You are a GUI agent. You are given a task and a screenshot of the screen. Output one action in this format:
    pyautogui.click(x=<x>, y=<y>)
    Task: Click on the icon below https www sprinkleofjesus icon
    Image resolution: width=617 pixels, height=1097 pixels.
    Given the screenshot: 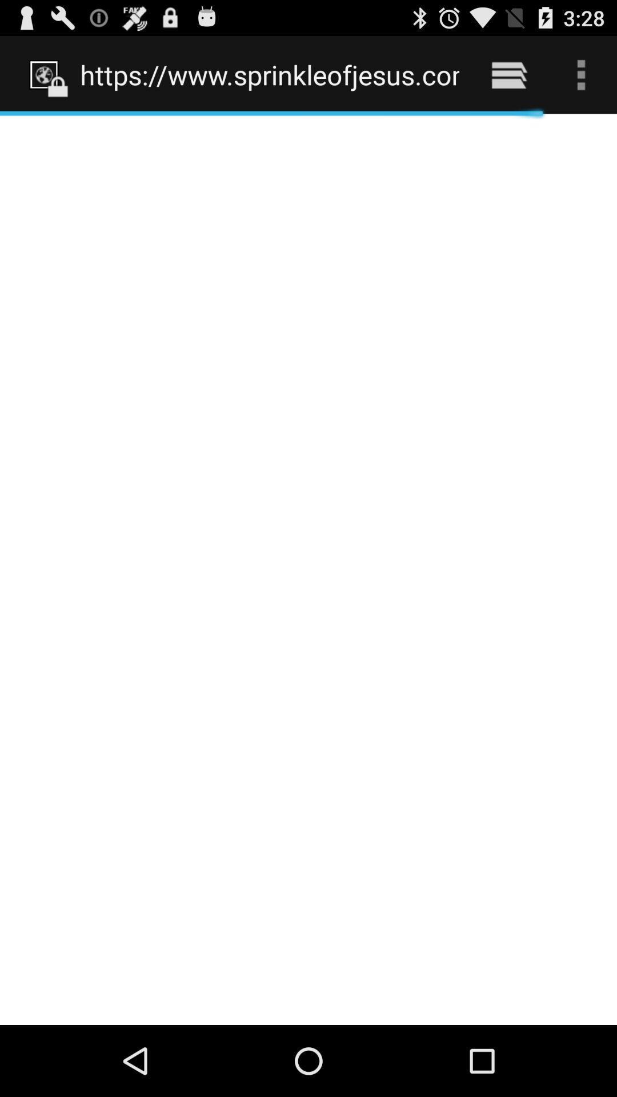 What is the action you would take?
    pyautogui.click(x=308, y=569)
    